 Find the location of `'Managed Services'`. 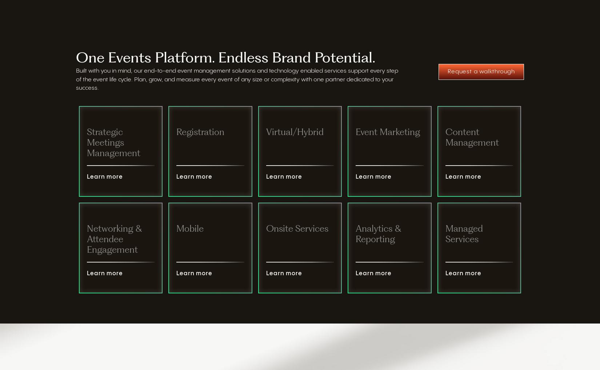

'Managed Services' is located at coordinates (463, 234).